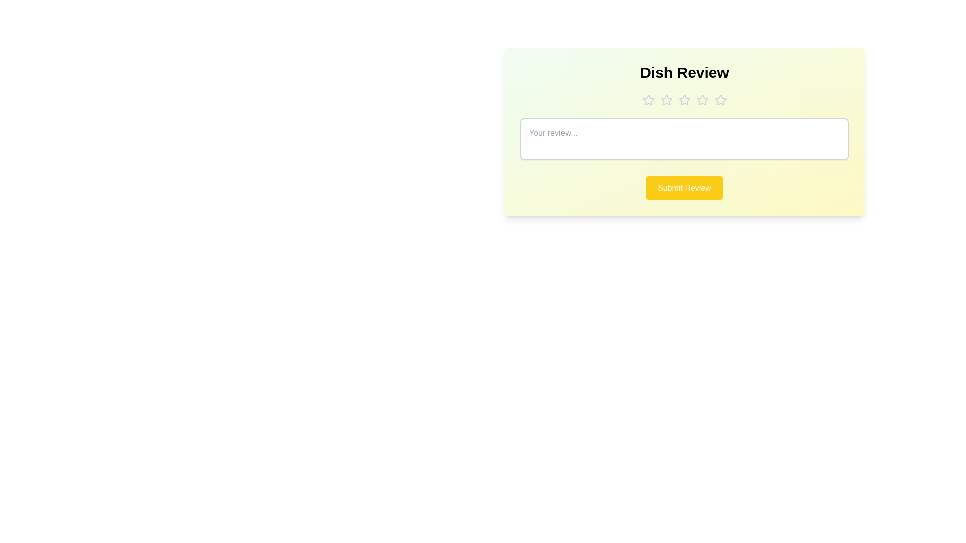 Image resolution: width=966 pixels, height=543 pixels. What do you see at coordinates (702, 100) in the screenshot?
I see `the dish rating to 4 stars by clicking on the corresponding star` at bounding box center [702, 100].